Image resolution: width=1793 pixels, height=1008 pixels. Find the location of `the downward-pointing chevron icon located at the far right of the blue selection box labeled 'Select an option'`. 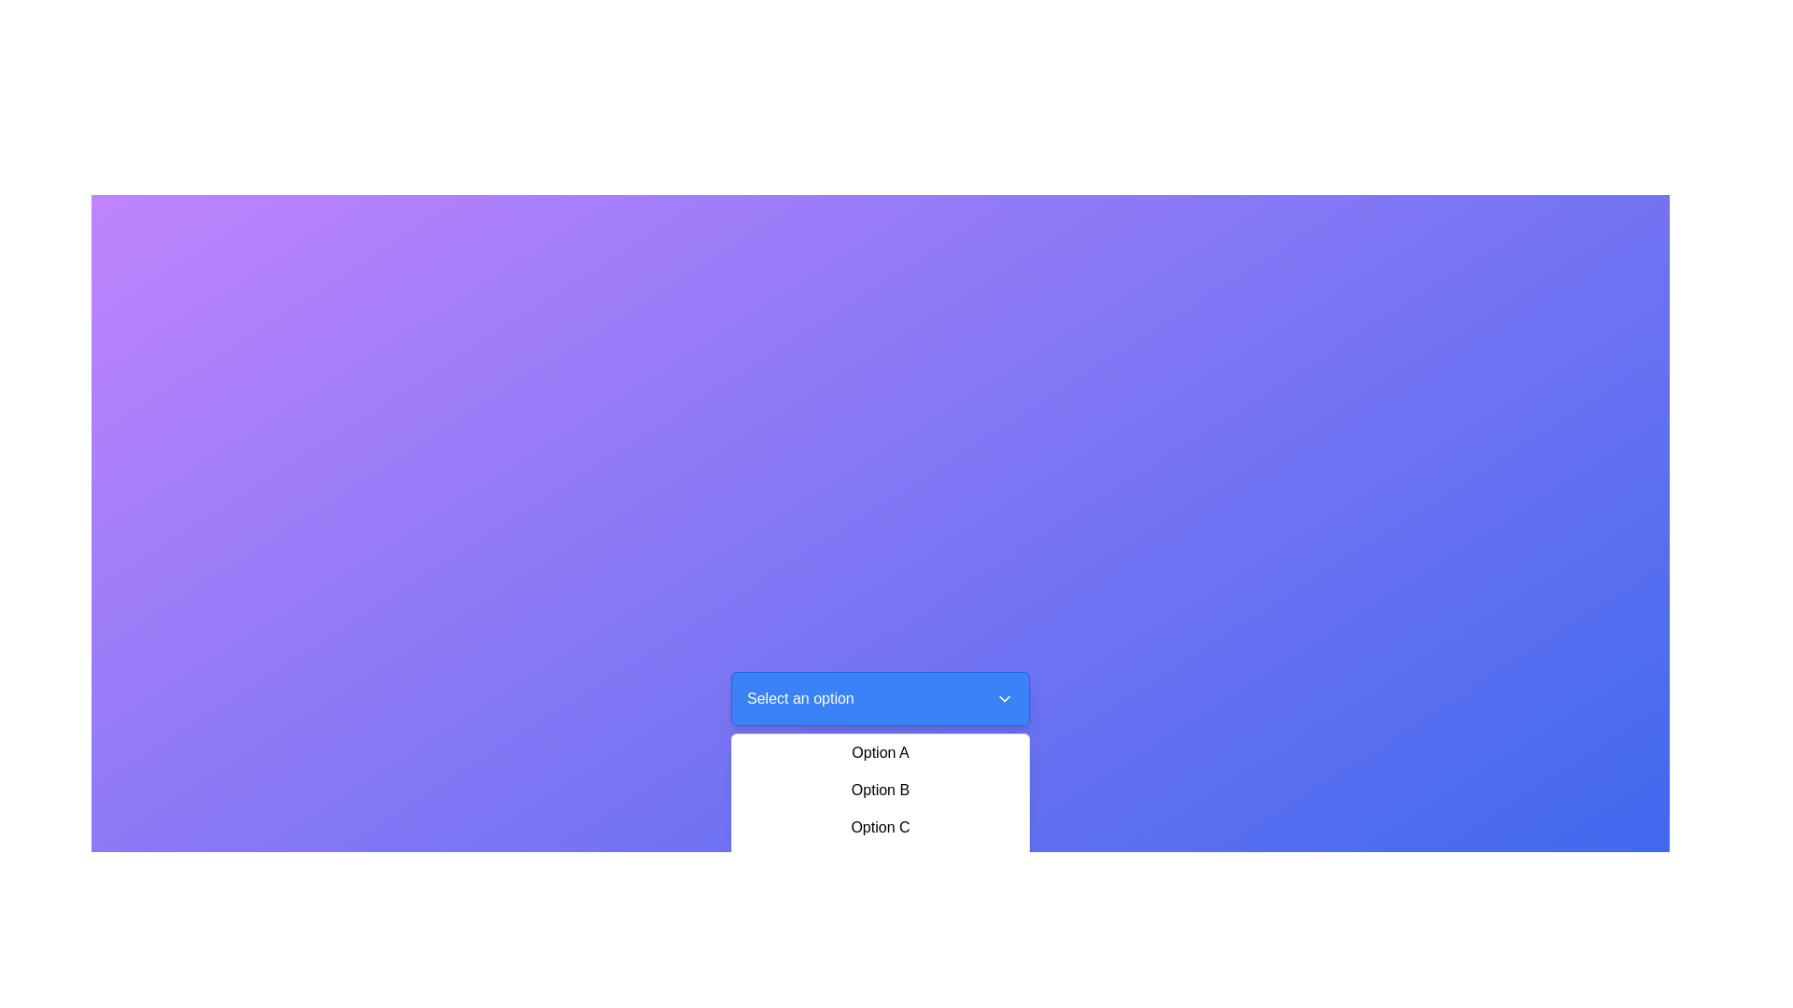

the downward-pointing chevron icon located at the far right of the blue selection box labeled 'Select an option' is located at coordinates (1003, 698).